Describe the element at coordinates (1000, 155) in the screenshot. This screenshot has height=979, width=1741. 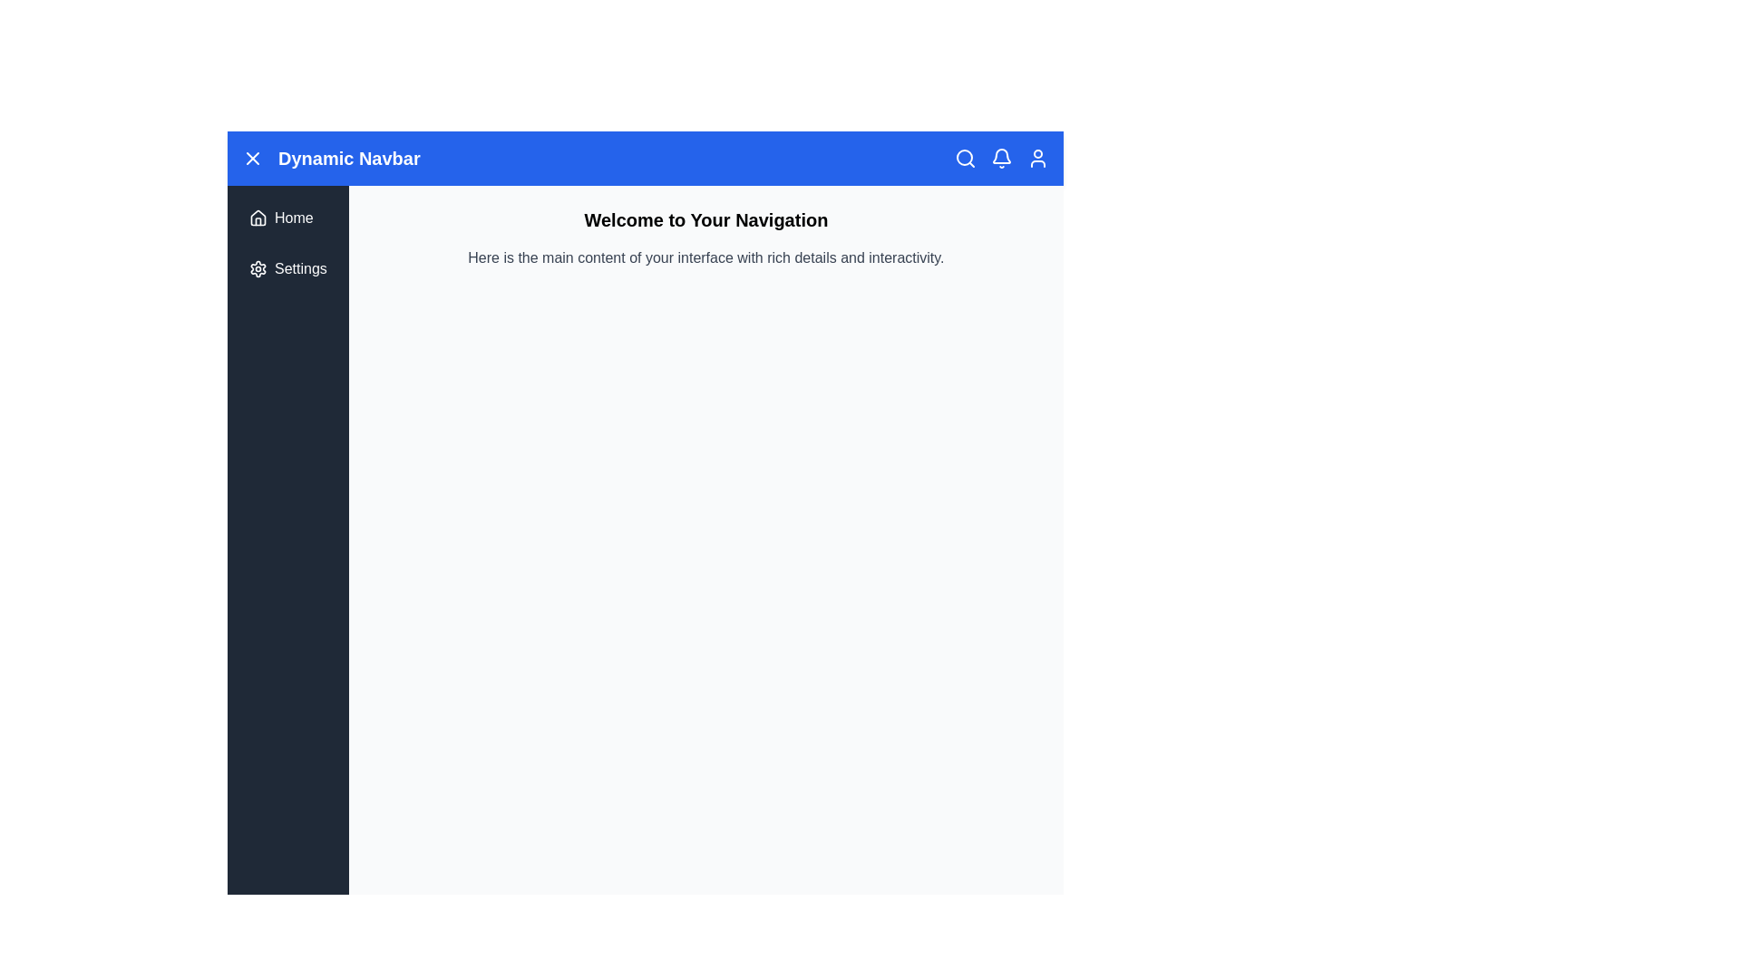
I see `the notification icon located in the top-right corner of the application's navigation bar, which serves as a visual cue for pending notifications` at that location.